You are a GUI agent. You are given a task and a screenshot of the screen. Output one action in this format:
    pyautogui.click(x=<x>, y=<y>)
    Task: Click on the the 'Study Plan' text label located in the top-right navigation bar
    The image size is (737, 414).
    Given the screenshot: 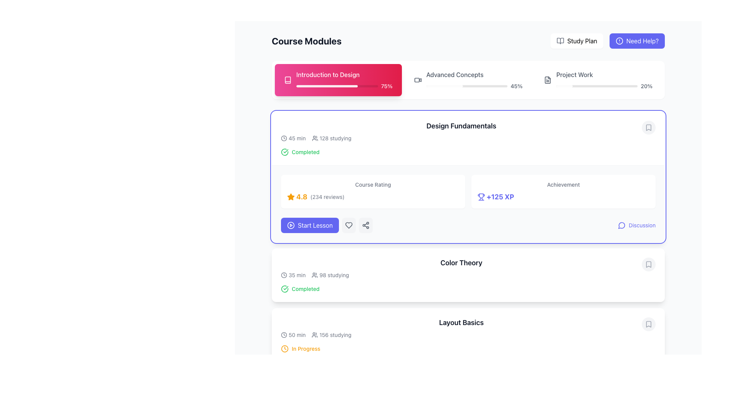 What is the action you would take?
    pyautogui.click(x=582, y=41)
    